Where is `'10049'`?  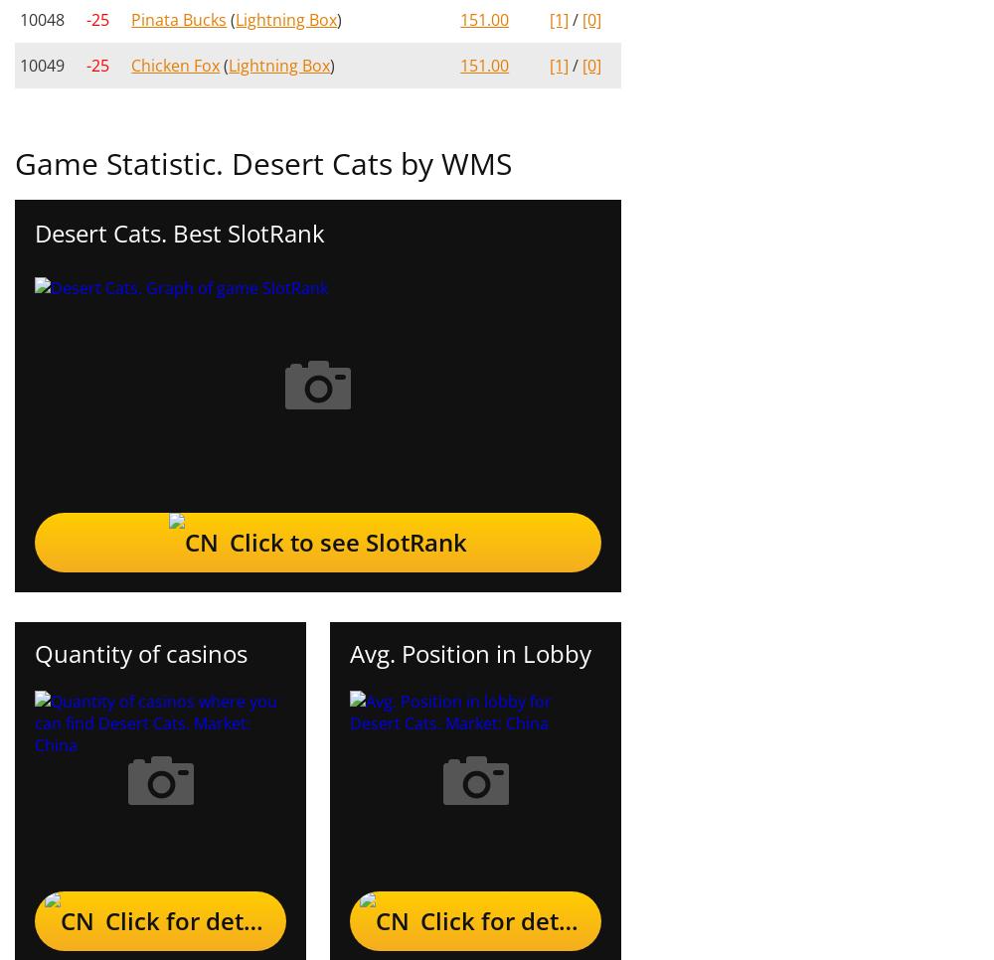 '10049' is located at coordinates (42, 65).